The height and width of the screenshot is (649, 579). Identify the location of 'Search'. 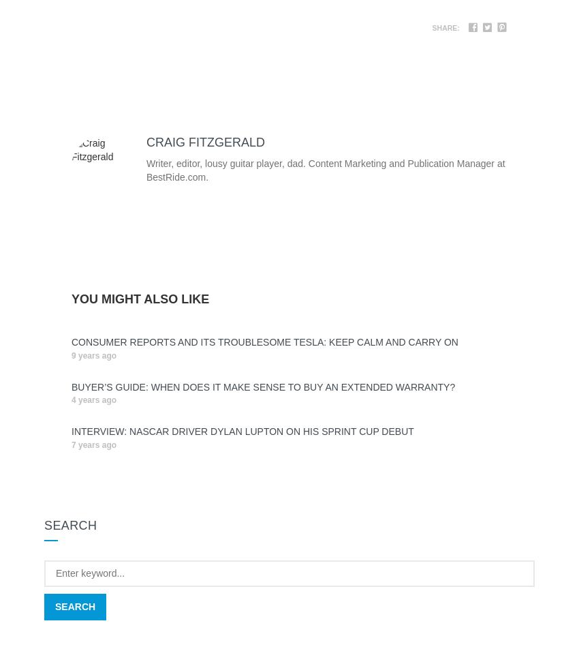
(44, 524).